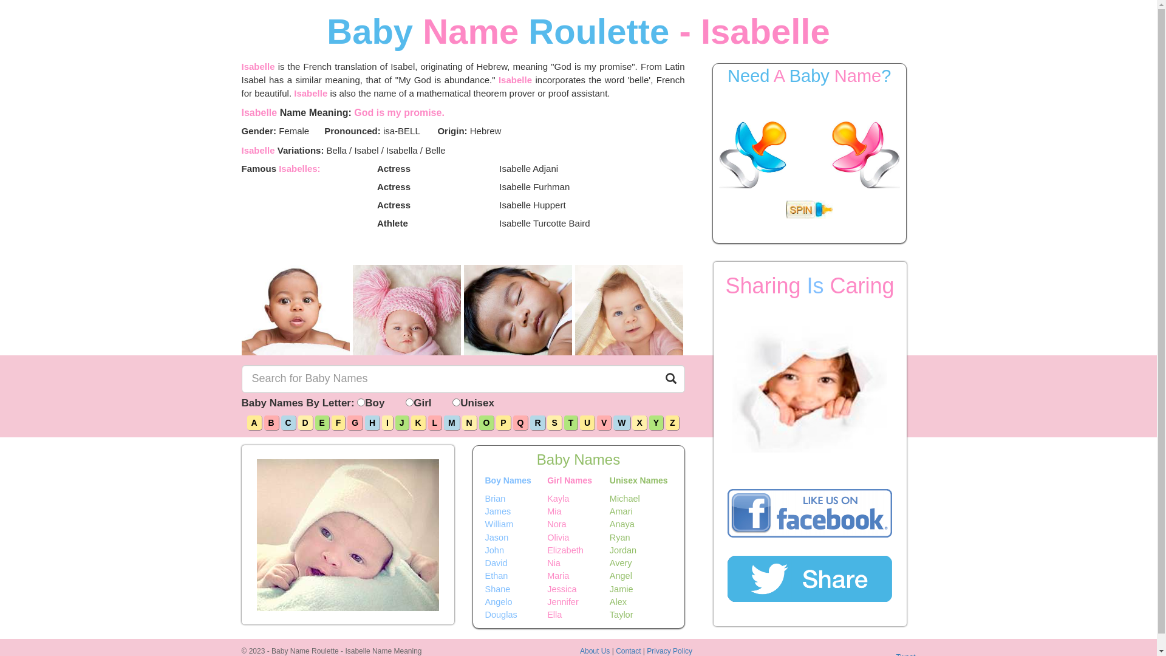  Describe the element at coordinates (483, 563) in the screenshot. I see `'David'` at that location.